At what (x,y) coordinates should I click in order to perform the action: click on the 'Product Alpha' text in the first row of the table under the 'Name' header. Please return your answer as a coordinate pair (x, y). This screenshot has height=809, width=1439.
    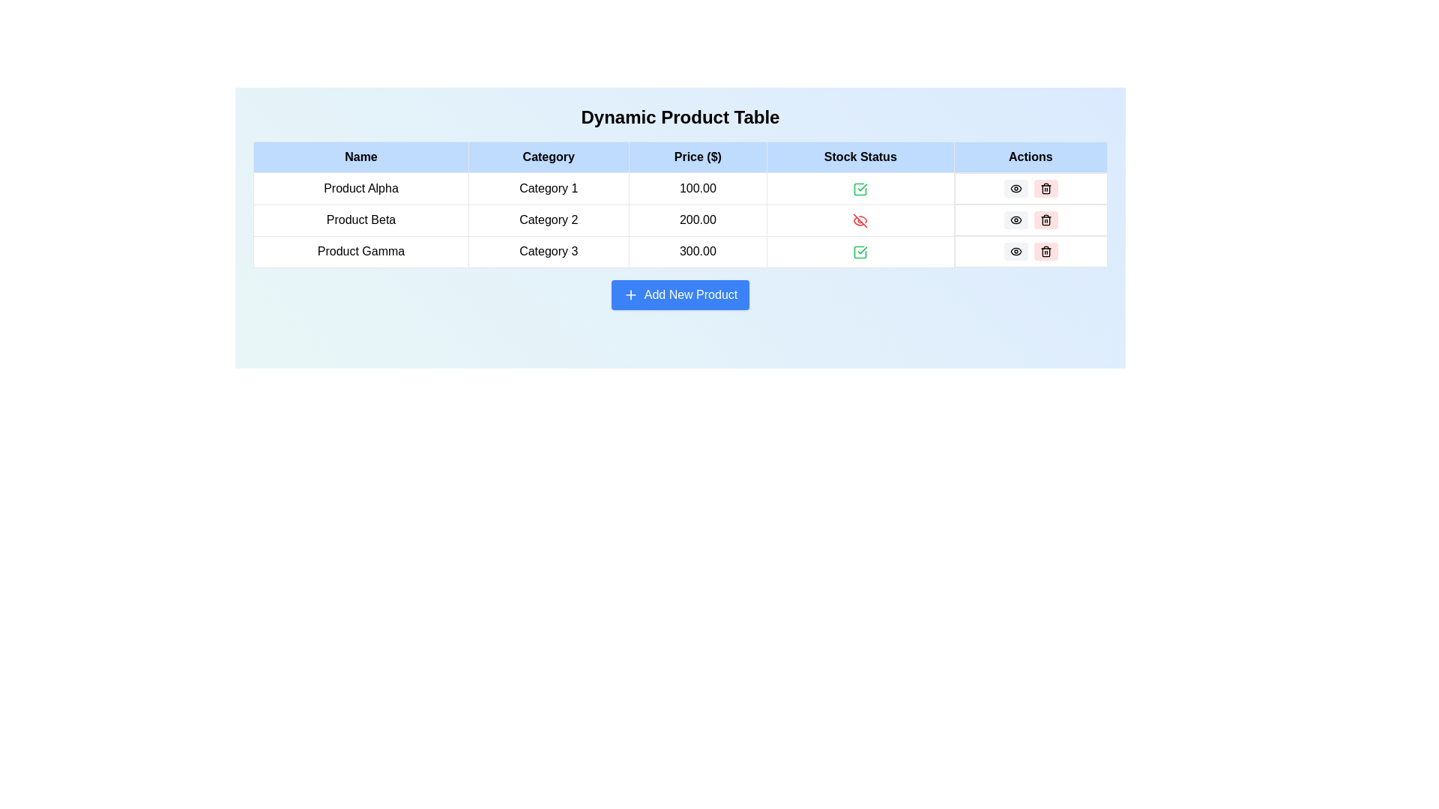
    Looking at the image, I should click on (360, 187).